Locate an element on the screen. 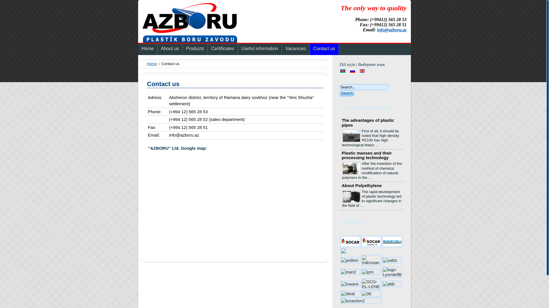  'English (UK)' is located at coordinates (362, 71).